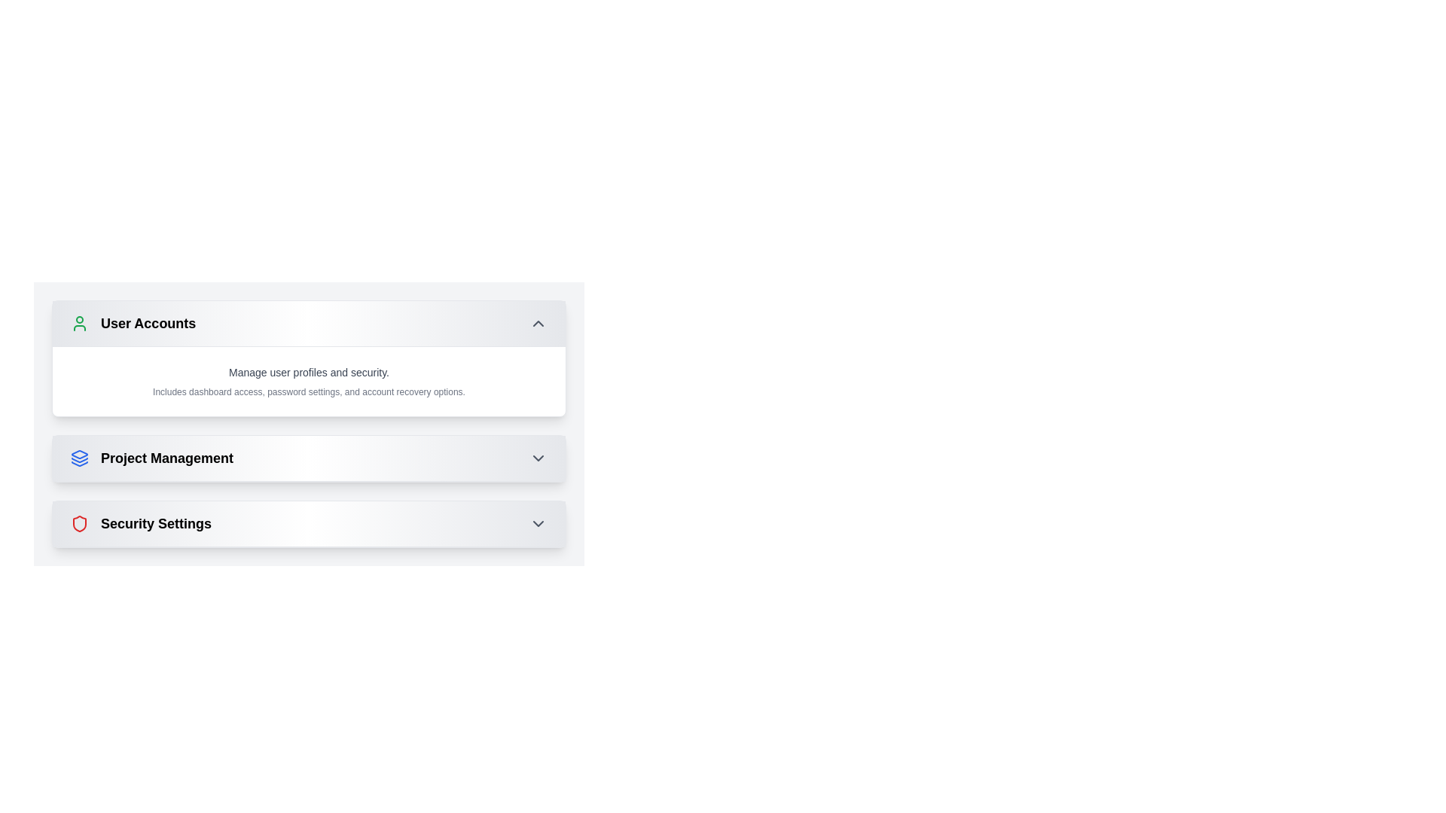  What do you see at coordinates (308, 380) in the screenshot?
I see `the text-based descriptive UI element that provides a summary of the 'User Accounts' category located below its title bar` at bounding box center [308, 380].